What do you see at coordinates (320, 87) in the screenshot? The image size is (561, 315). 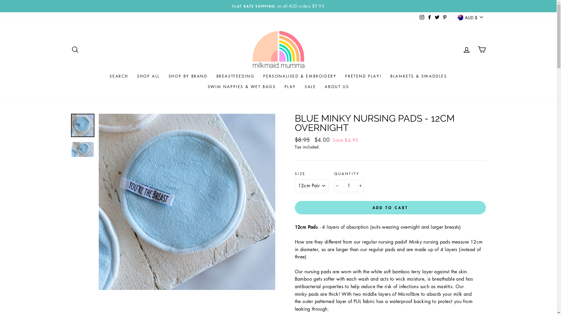 I see `'ABOUT US'` at bounding box center [320, 87].